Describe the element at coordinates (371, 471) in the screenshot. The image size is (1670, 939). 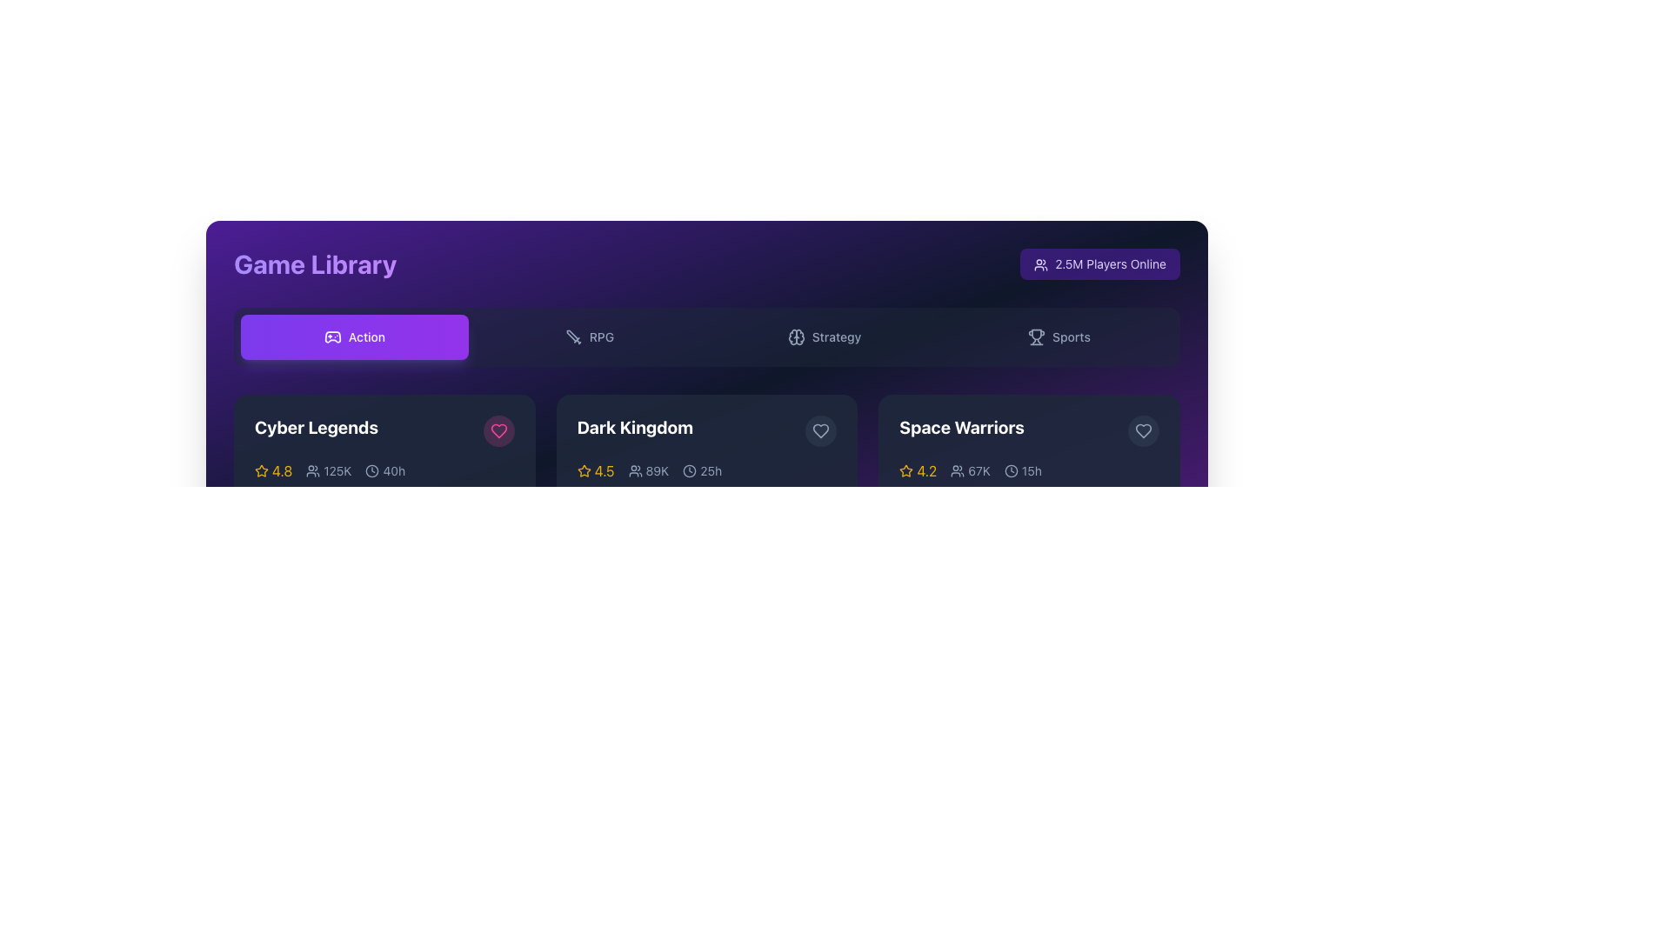
I see `the decorative icon representing the time spent in the 'Cyber Legends' game entry, located next to the '40h' text in the metadata section` at that location.